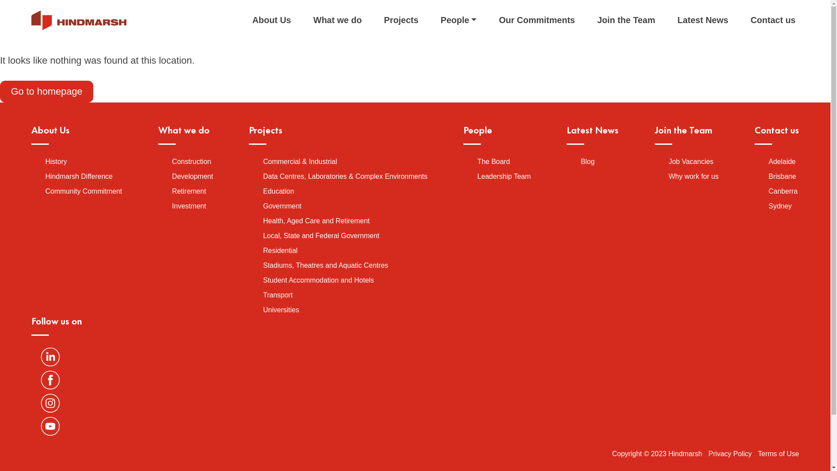  Describe the element at coordinates (316, 220) in the screenshot. I see `'Health, Aged Care and Retirement'` at that location.